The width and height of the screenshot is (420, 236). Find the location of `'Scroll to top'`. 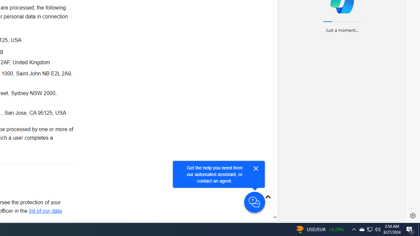

'Scroll to top' is located at coordinates (268, 203).